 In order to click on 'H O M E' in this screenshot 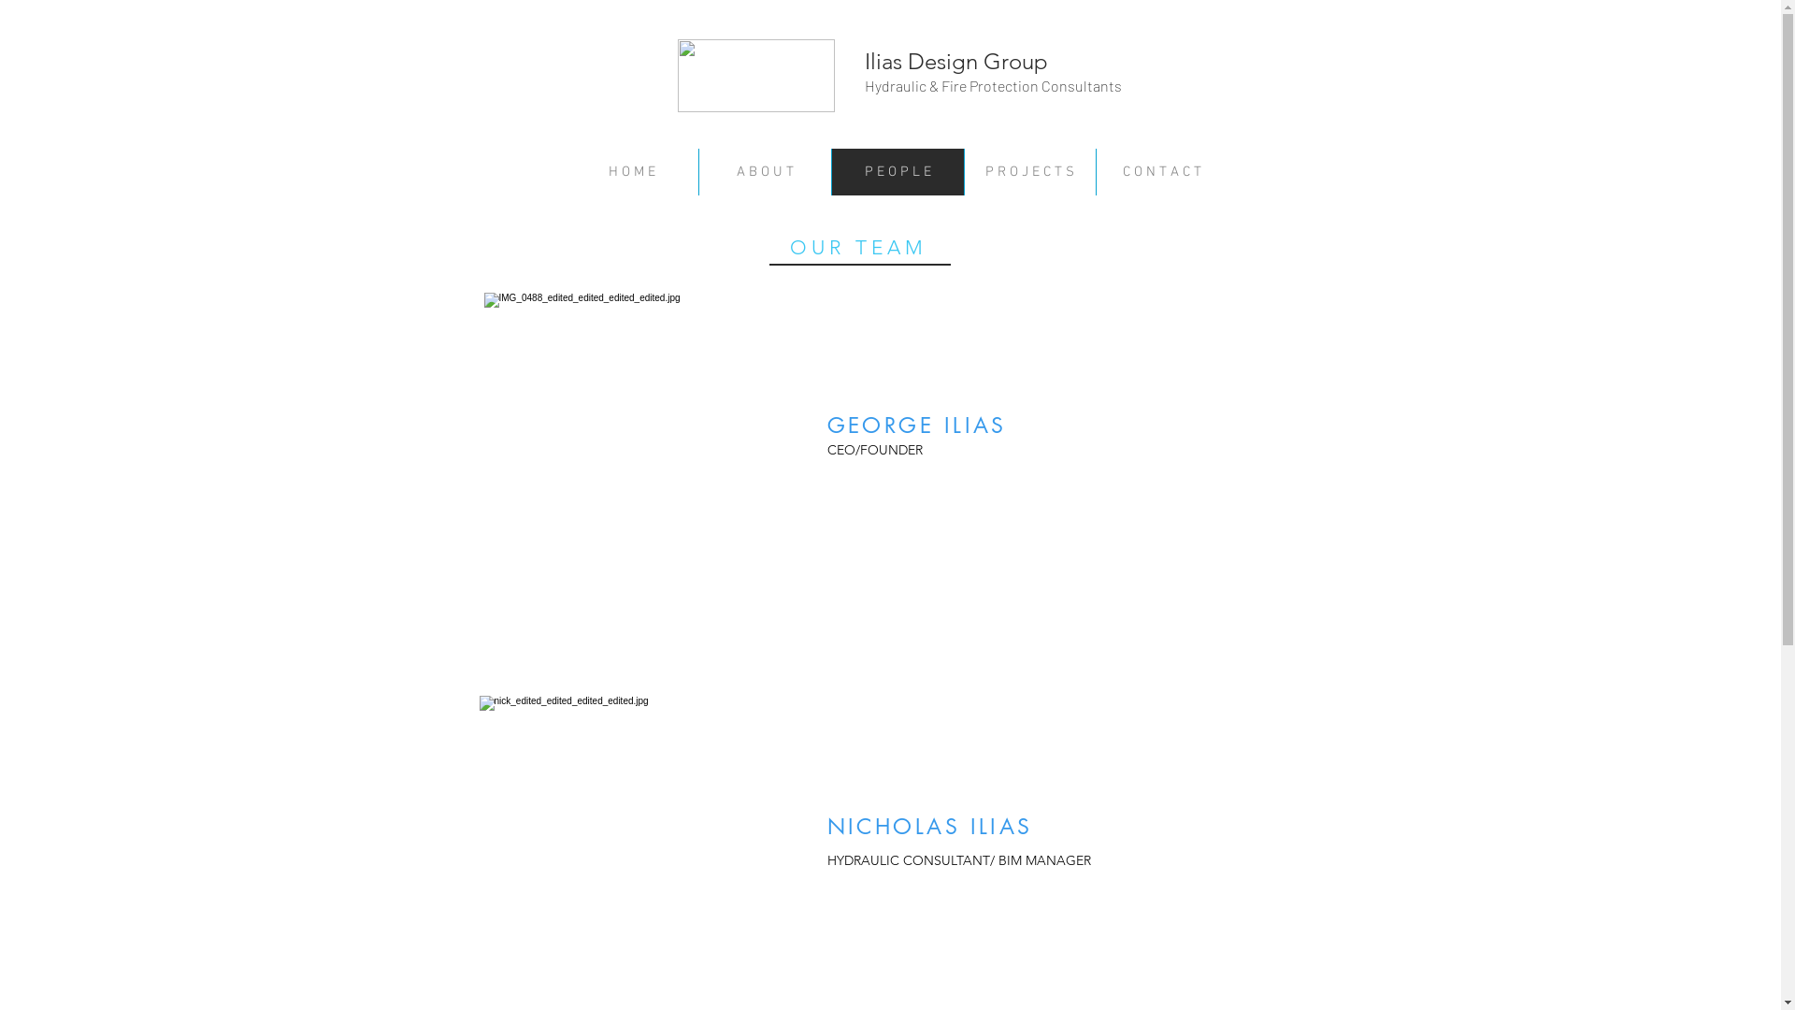, I will do `click(564, 172)`.